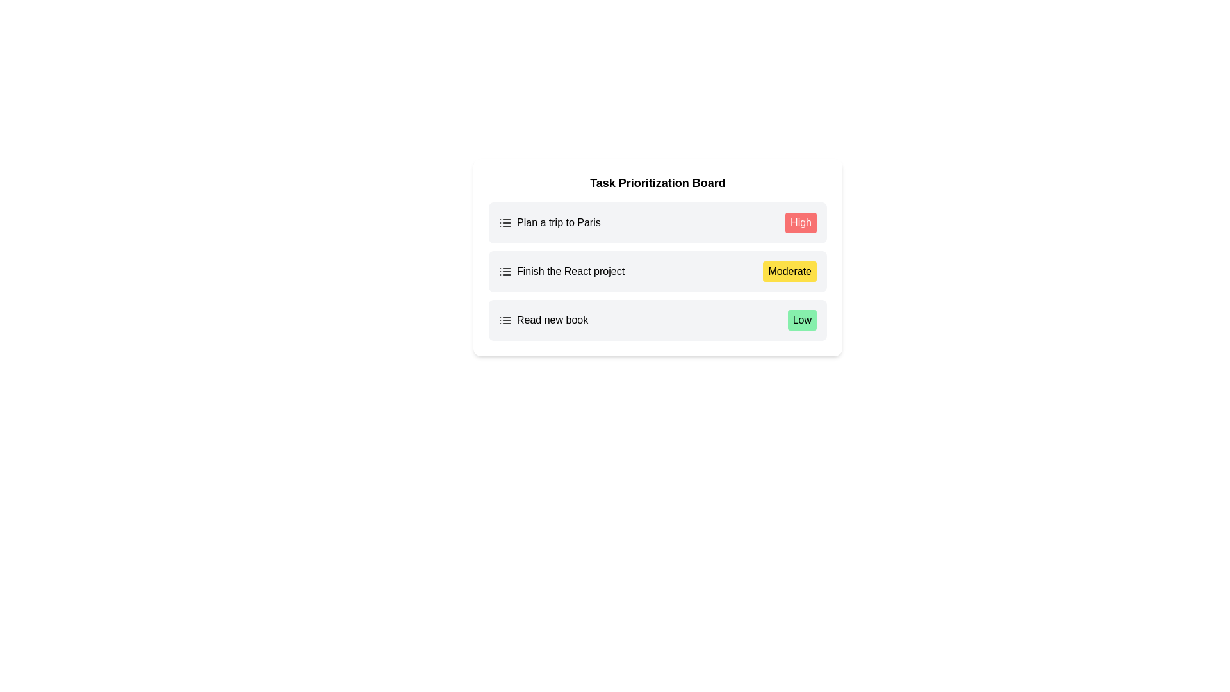  What do you see at coordinates (789, 271) in the screenshot?
I see `Priority label associated with the task 'Finish the React project', located on the right side of the task entry, which is the second element in the vertical stack of tasks on the priority board` at bounding box center [789, 271].